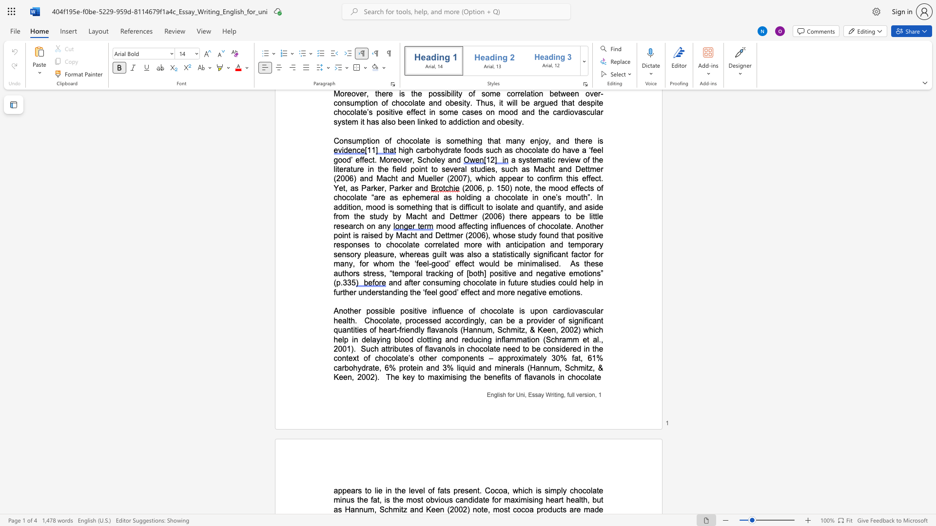 This screenshot has width=936, height=526. I want to click on the subset text "te is upon cardiov" within the text "Another possible positive influence of chocolate is upon cardiovascular health", so click(507, 311).